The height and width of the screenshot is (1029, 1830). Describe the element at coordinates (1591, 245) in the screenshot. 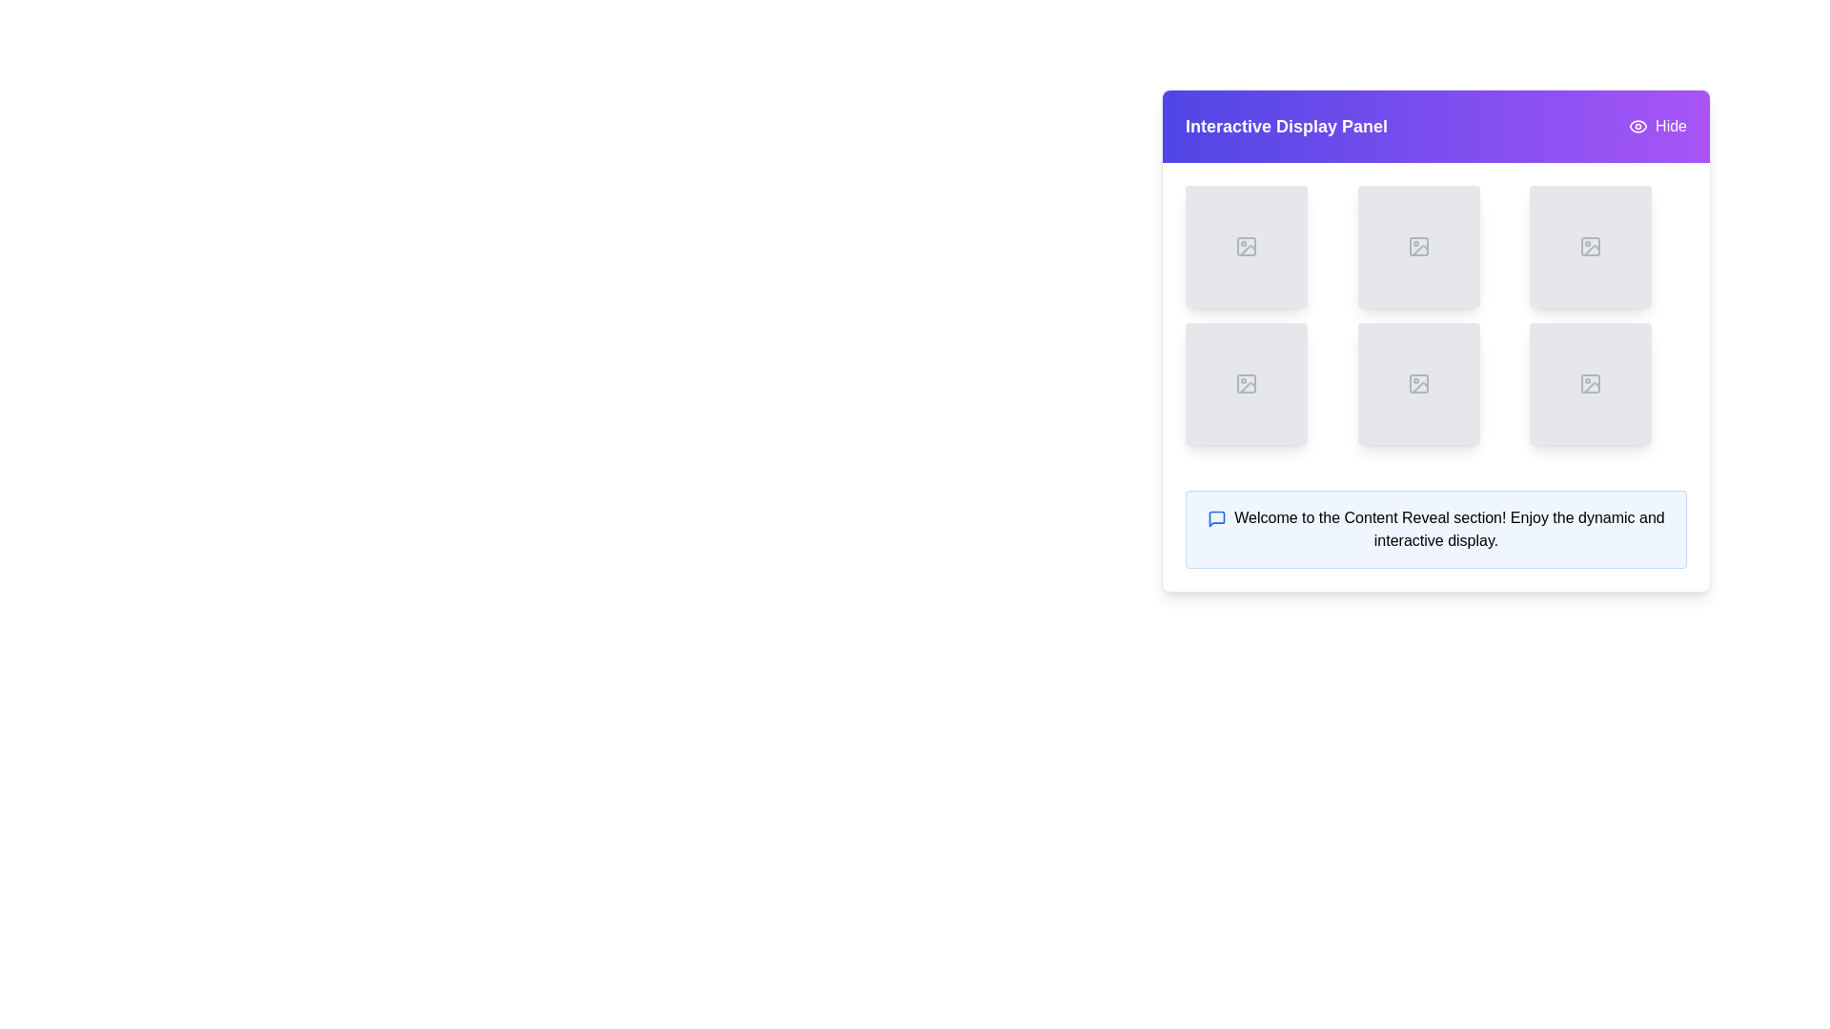

I see `the small rectangular shape with rounded corners located at the center of the image icon in the top-right grid cell of the 2x3 grid within the 'Interactive Display Panel'` at that location.